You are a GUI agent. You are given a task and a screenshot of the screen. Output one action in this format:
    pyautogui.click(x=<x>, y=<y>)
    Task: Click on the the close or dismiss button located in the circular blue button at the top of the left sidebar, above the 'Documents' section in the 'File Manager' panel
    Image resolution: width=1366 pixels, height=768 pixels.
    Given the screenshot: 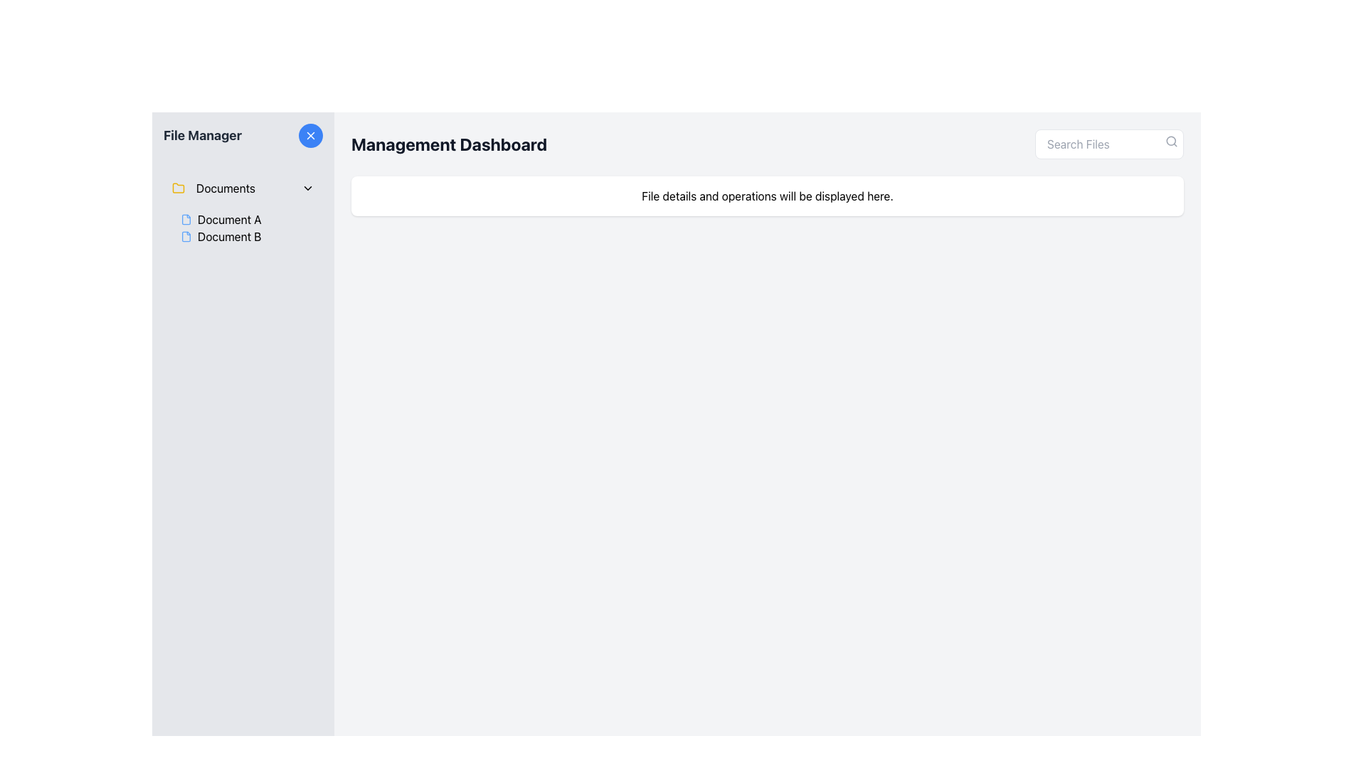 What is the action you would take?
    pyautogui.click(x=309, y=136)
    